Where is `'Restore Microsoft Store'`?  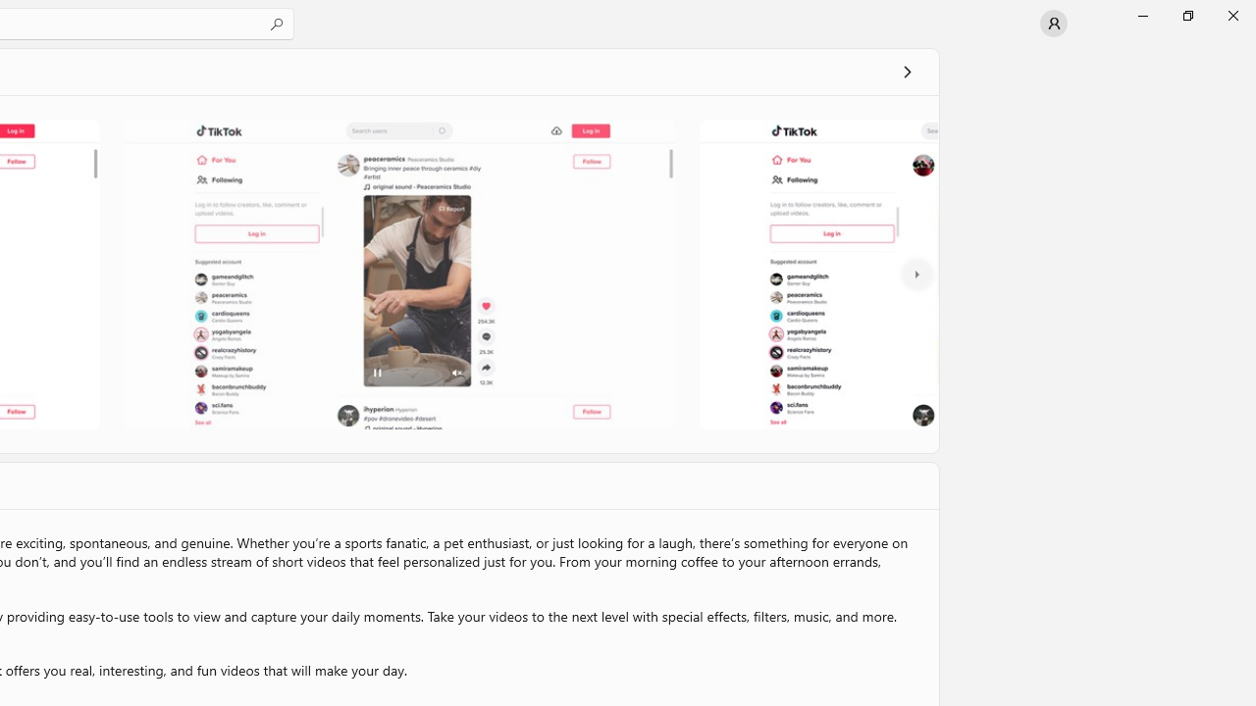 'Restore Microsoft Store' is located at coordinates (1186, 15).